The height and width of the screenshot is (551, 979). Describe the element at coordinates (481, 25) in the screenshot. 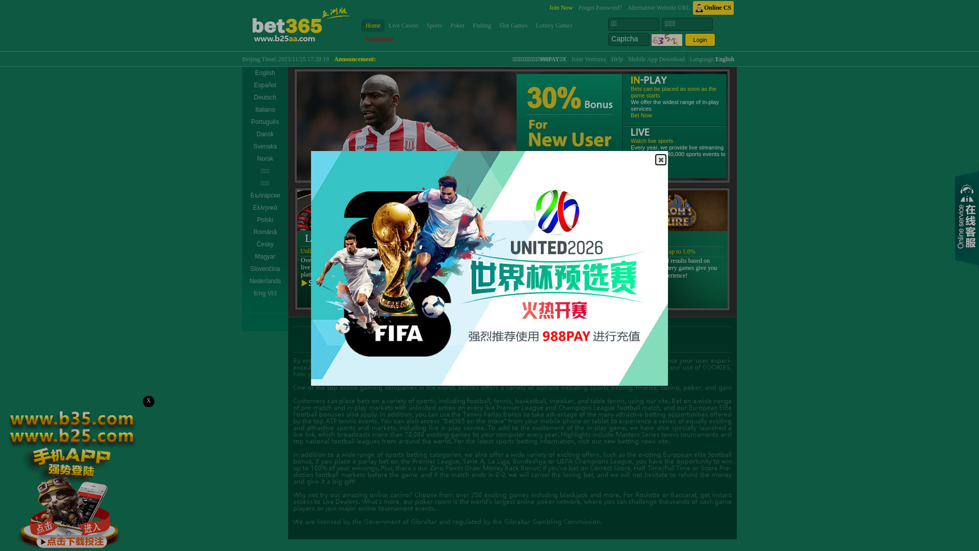

I see `'Fishing'` at that location.